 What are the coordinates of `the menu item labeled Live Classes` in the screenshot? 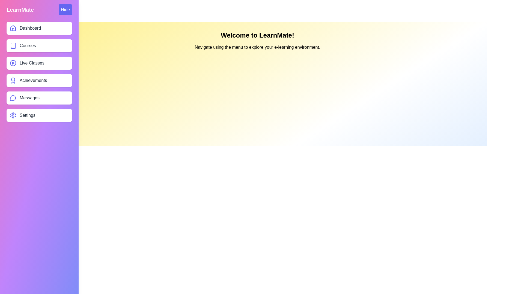 It's located at (39, 63).